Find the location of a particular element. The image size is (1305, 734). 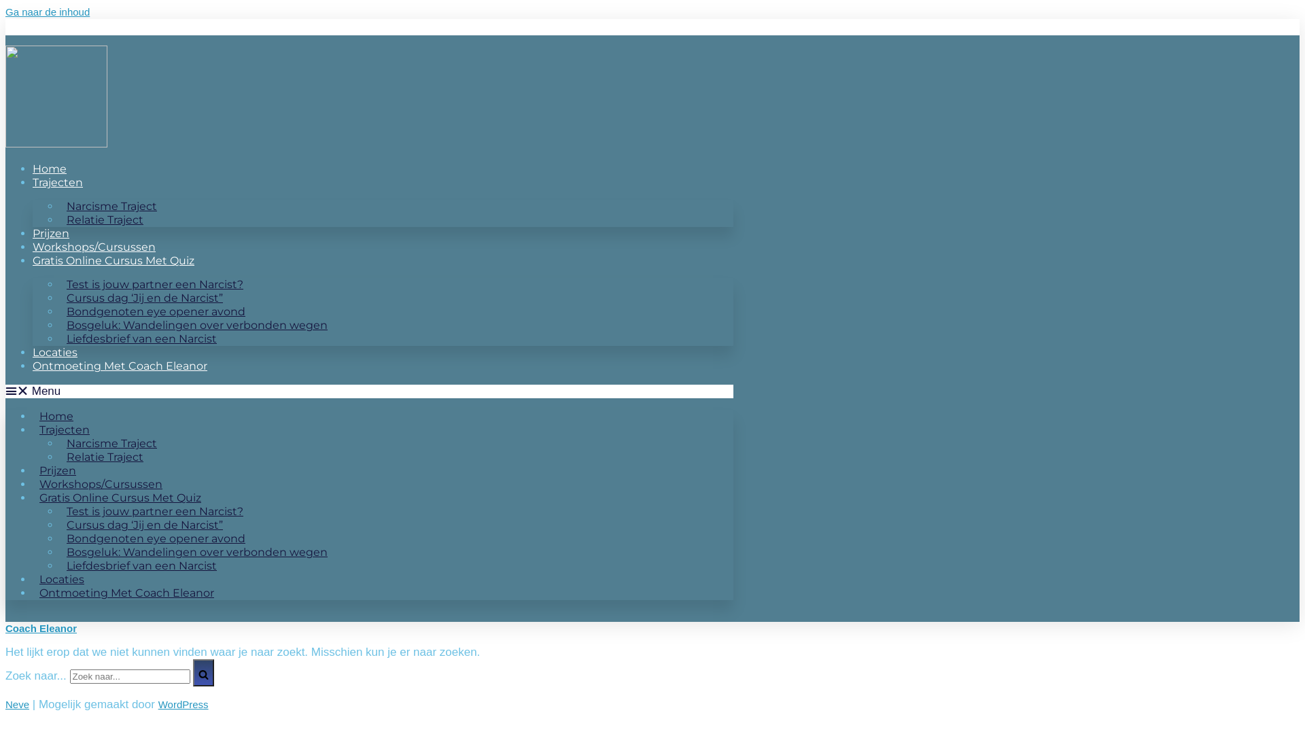

'Coach Eleanor' is located at coordinates (41, 628).